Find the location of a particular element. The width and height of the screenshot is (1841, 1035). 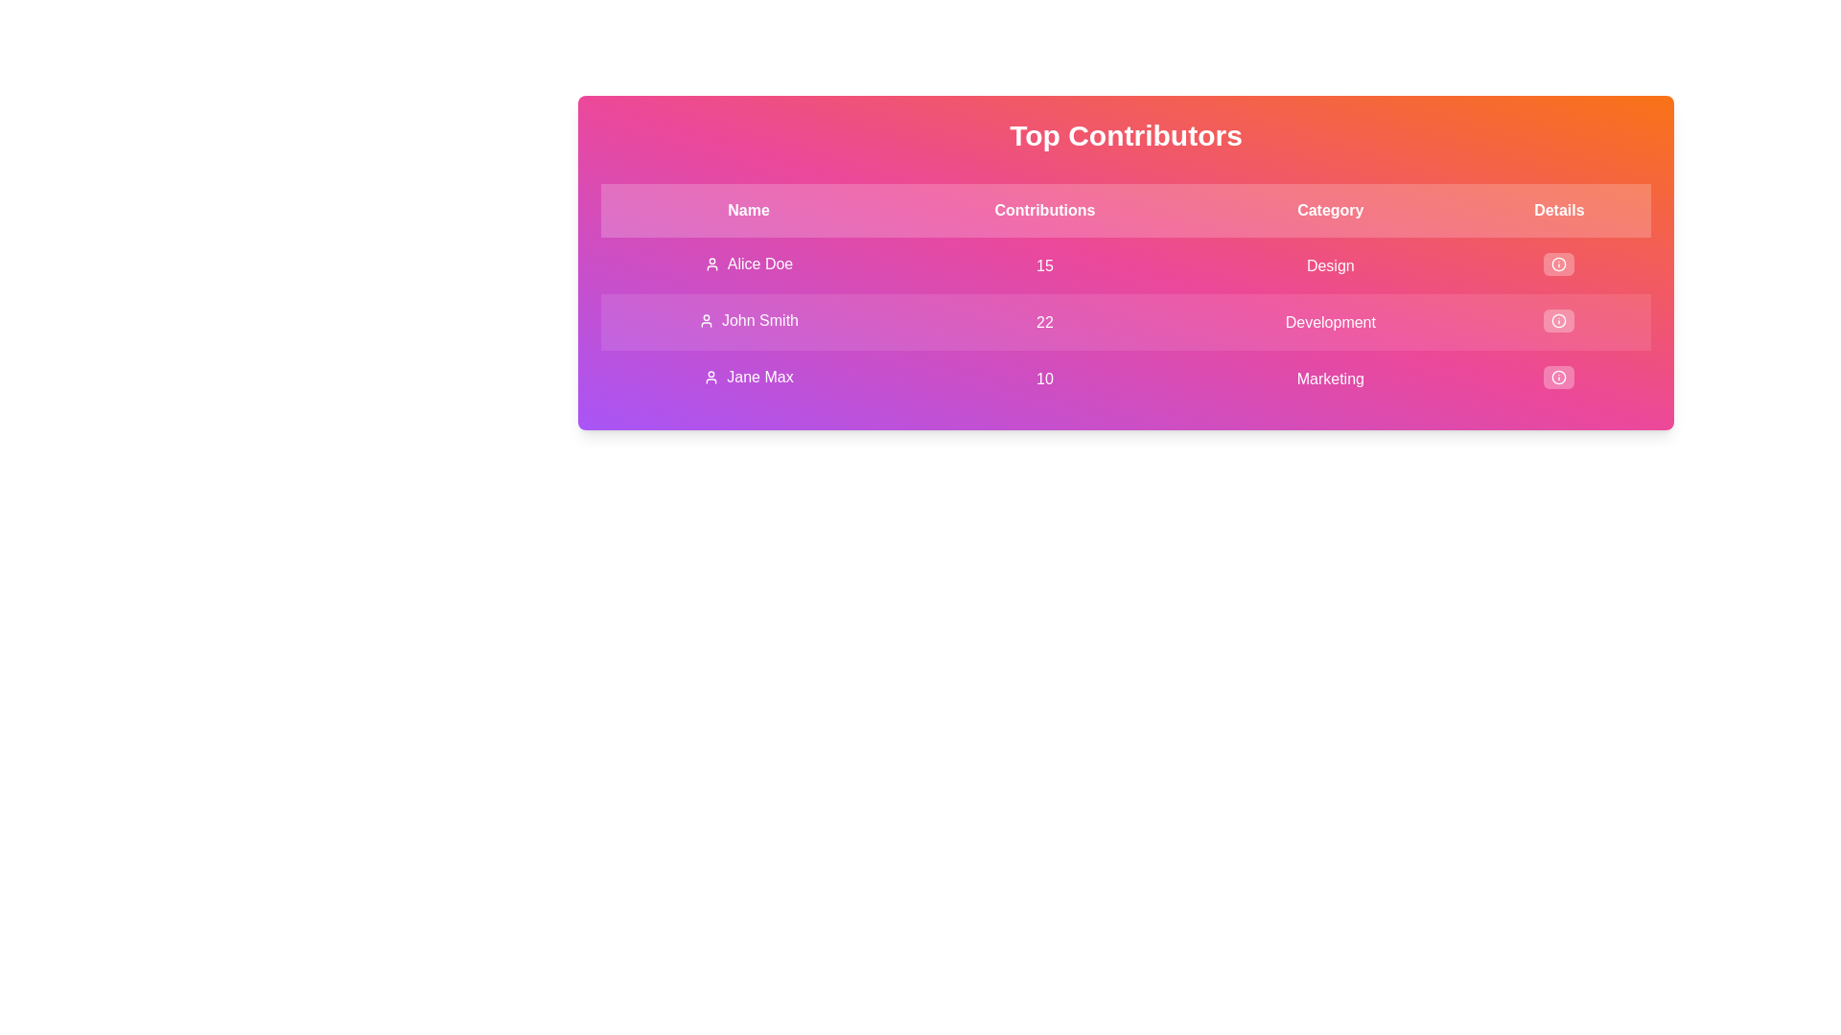

the contribution count display for 'Jane Max' in the 'Top Contributors' list, which is the second item in the third row under the 'Contributions' column is located at coordinates (1043, 379).